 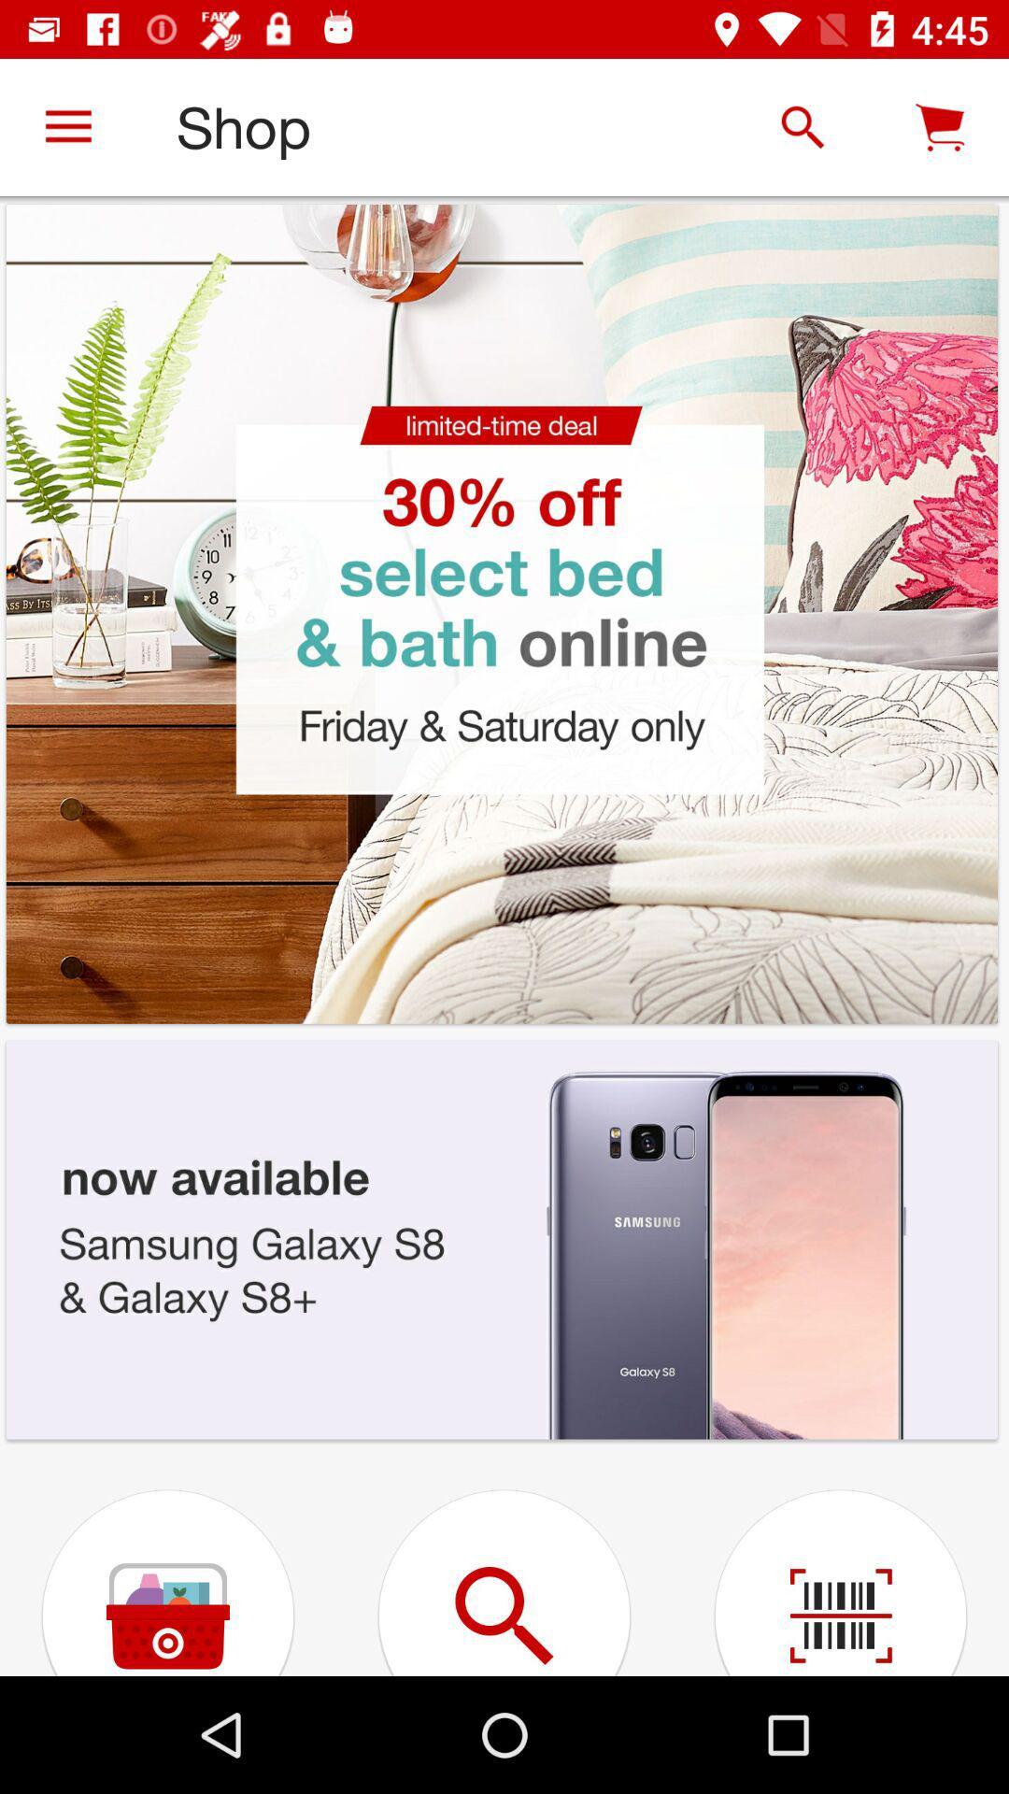 What do you see at coordinates (802, 127) in the screenshot?
I see `the search icon` at bounding box center [802, 127].